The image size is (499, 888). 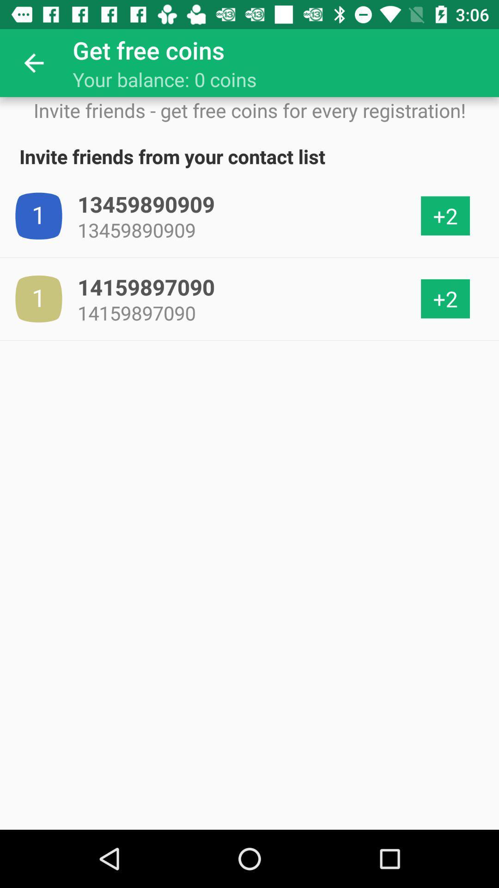 I want to click on icon next to get free coins item, so click(x=33, y=62).